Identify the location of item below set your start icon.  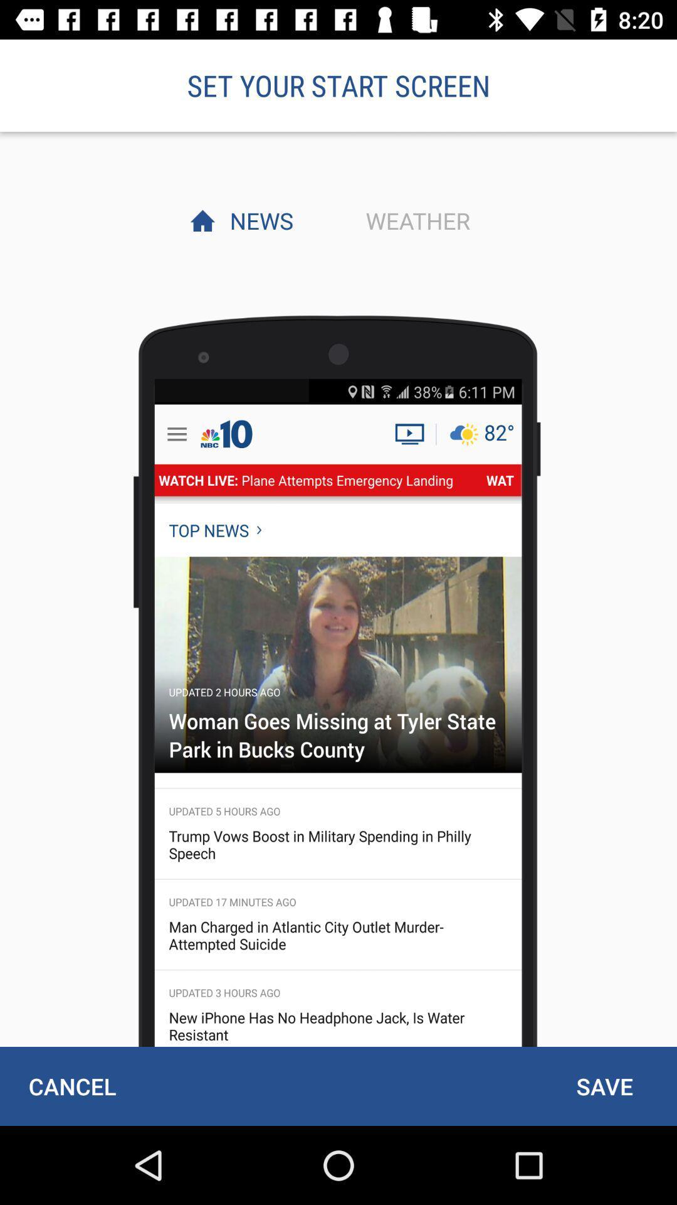
(414, 220).